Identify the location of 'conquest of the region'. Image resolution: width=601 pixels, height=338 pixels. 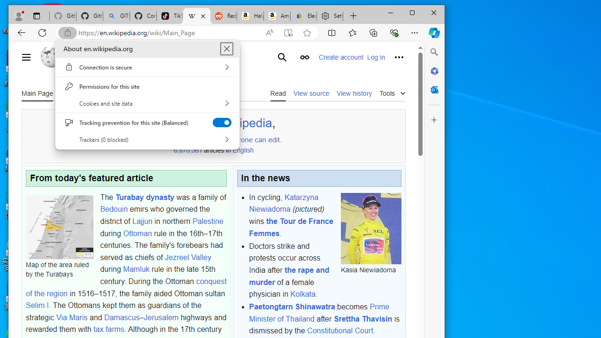
(125, 287).